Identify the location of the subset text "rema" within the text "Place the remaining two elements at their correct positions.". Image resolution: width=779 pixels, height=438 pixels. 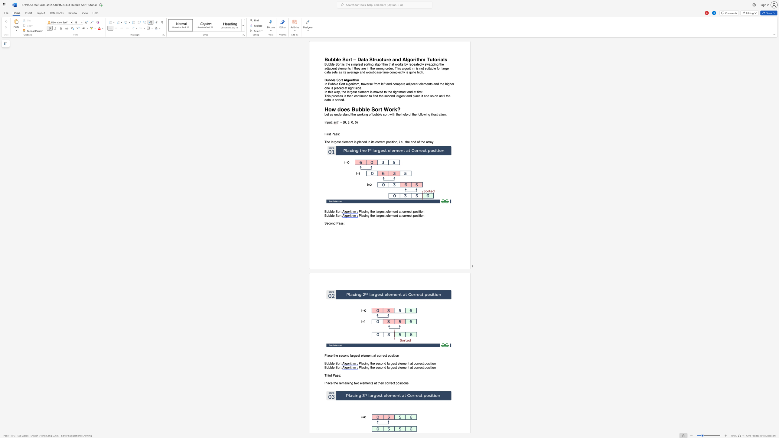
(339, 383).